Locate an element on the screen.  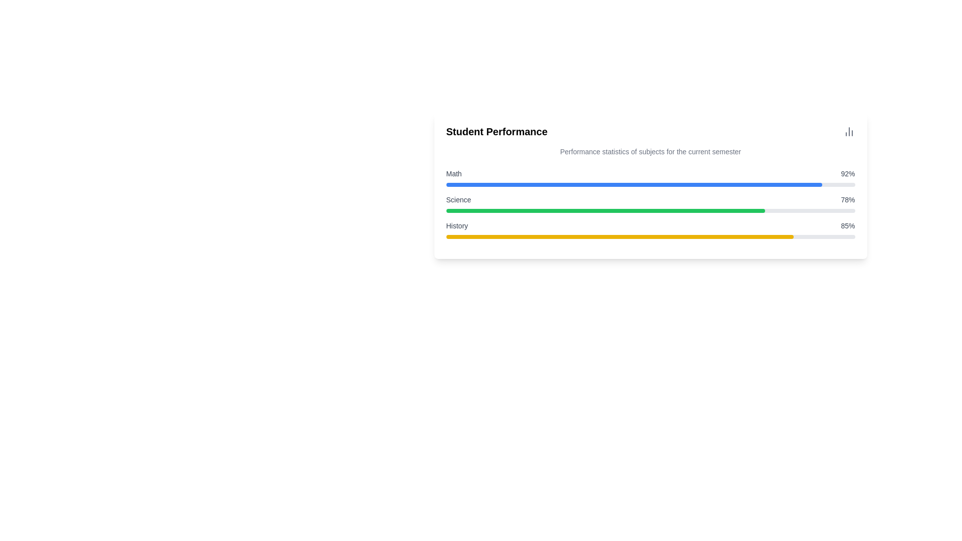
the bold, large-sized text labeled 'Student Performance' located at the top-left of the card-like section displaying student grades is located at coordinates (497, 131).